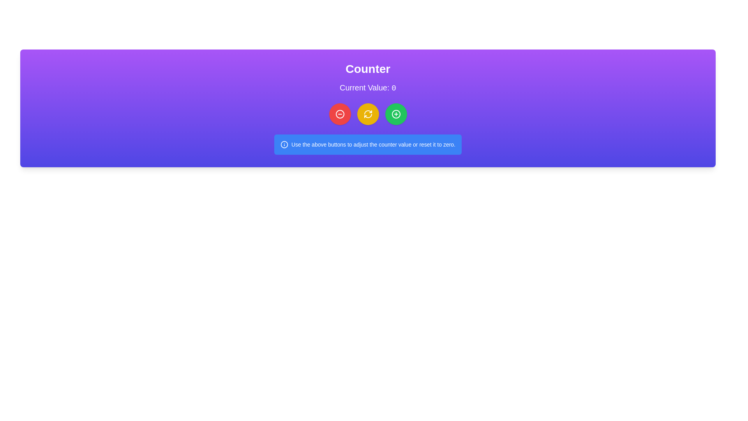 The image size is (748, 421). I want to click on the second button in the horizontal row of three buttons, positioned centrally in the row, to reset or reload the counter displayed above, so click(367, 114).